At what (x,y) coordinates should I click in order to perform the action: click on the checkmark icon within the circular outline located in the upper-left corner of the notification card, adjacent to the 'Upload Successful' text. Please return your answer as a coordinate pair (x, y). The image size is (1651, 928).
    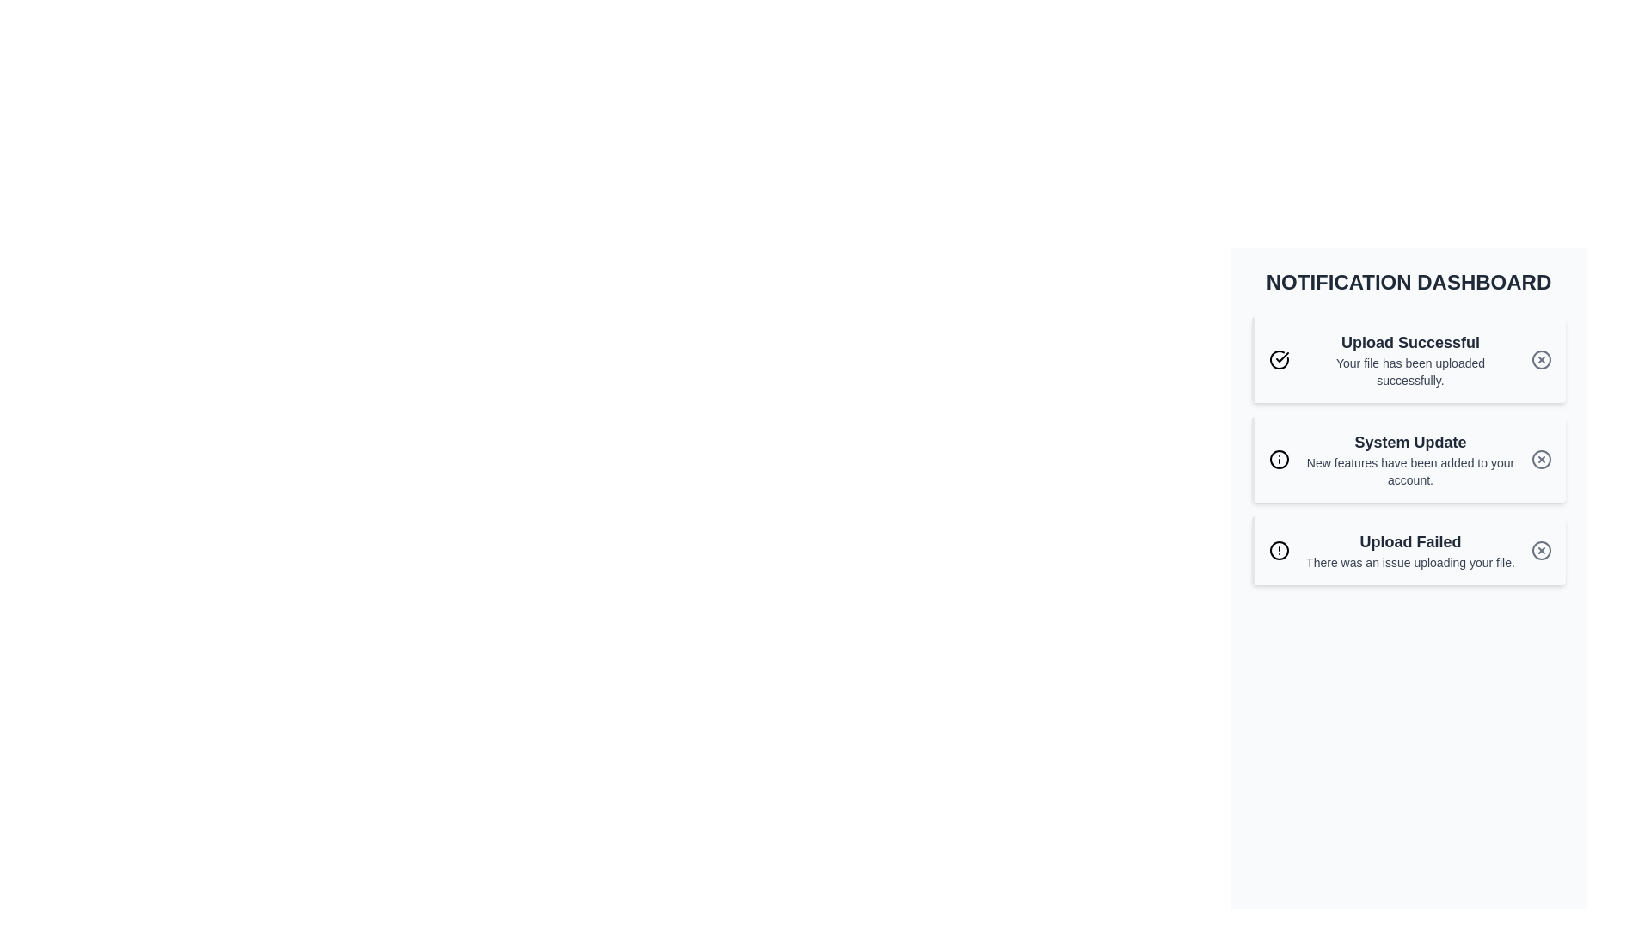
    Looking at the image, I should click on (1282, 357).